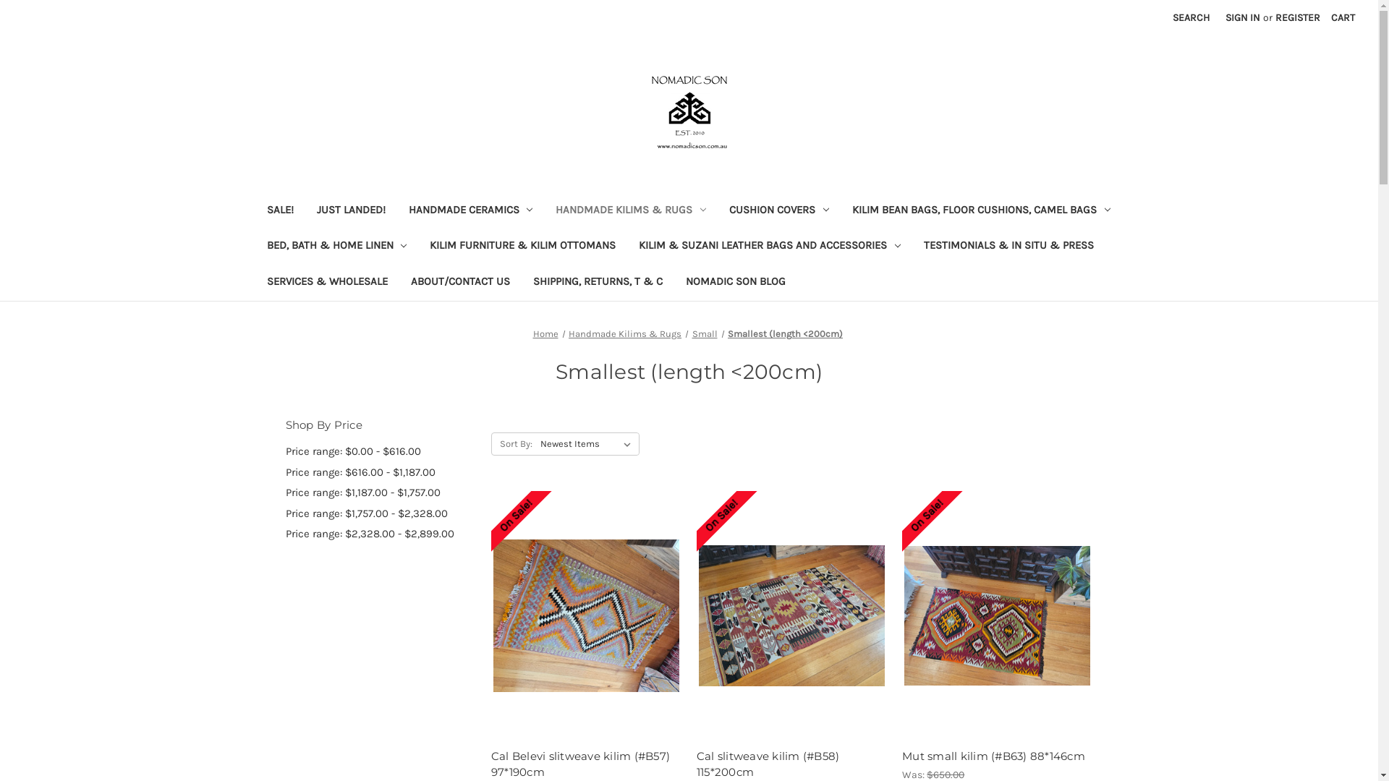 The image size is (1389, 781). What do you see at coordinates (380, 534) in the screenshot?
I see `'Price range: $2,328.00 - $2,899.00'` at bounding box center [380, 534].